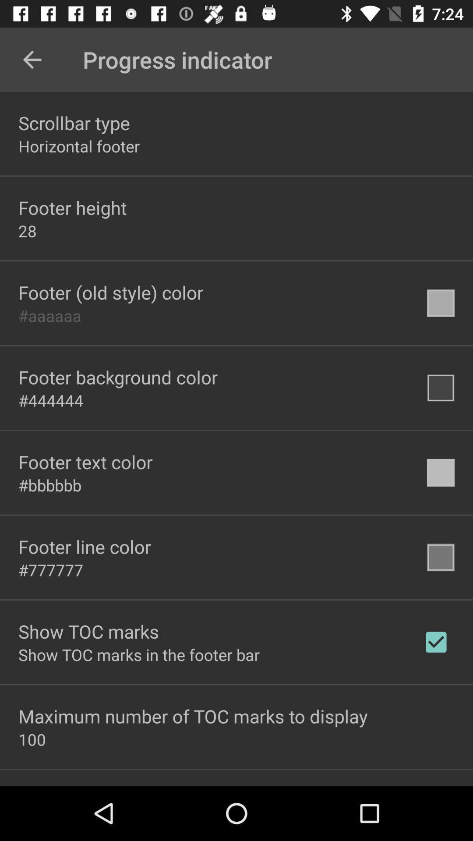 This screenshot has width=473, height=841. I want to click on the #aaaaaa icon, so click(50, 315).